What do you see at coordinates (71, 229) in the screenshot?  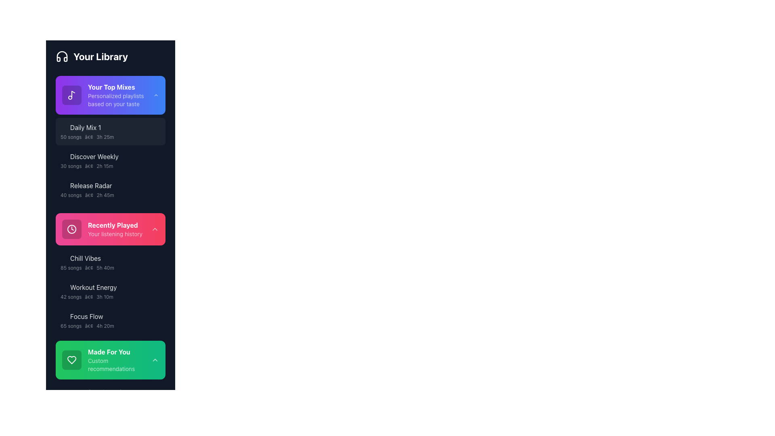 I see `the SVG circle element that visually represents the clock icon's face in the 'Recently Played' section of the app interface` at bounding box center [71, 229].